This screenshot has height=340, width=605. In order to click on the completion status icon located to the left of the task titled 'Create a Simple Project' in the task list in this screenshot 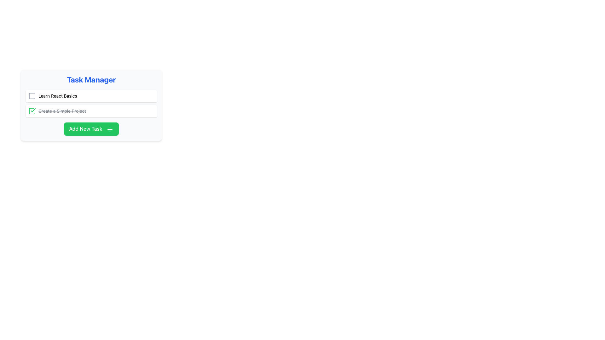, I will do `click(33, 110)`.